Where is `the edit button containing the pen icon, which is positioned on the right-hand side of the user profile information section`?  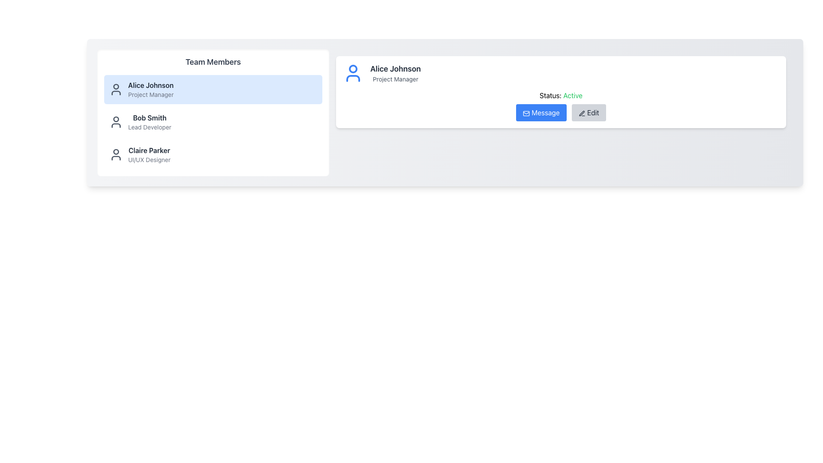 the edit button containing the pen icon, which is positioned on the right-hand side of the user profile information section is located at coordinates (582, 113).